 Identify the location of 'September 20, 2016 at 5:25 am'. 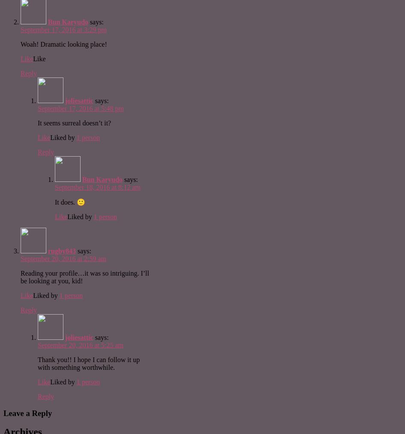
(80, 345).